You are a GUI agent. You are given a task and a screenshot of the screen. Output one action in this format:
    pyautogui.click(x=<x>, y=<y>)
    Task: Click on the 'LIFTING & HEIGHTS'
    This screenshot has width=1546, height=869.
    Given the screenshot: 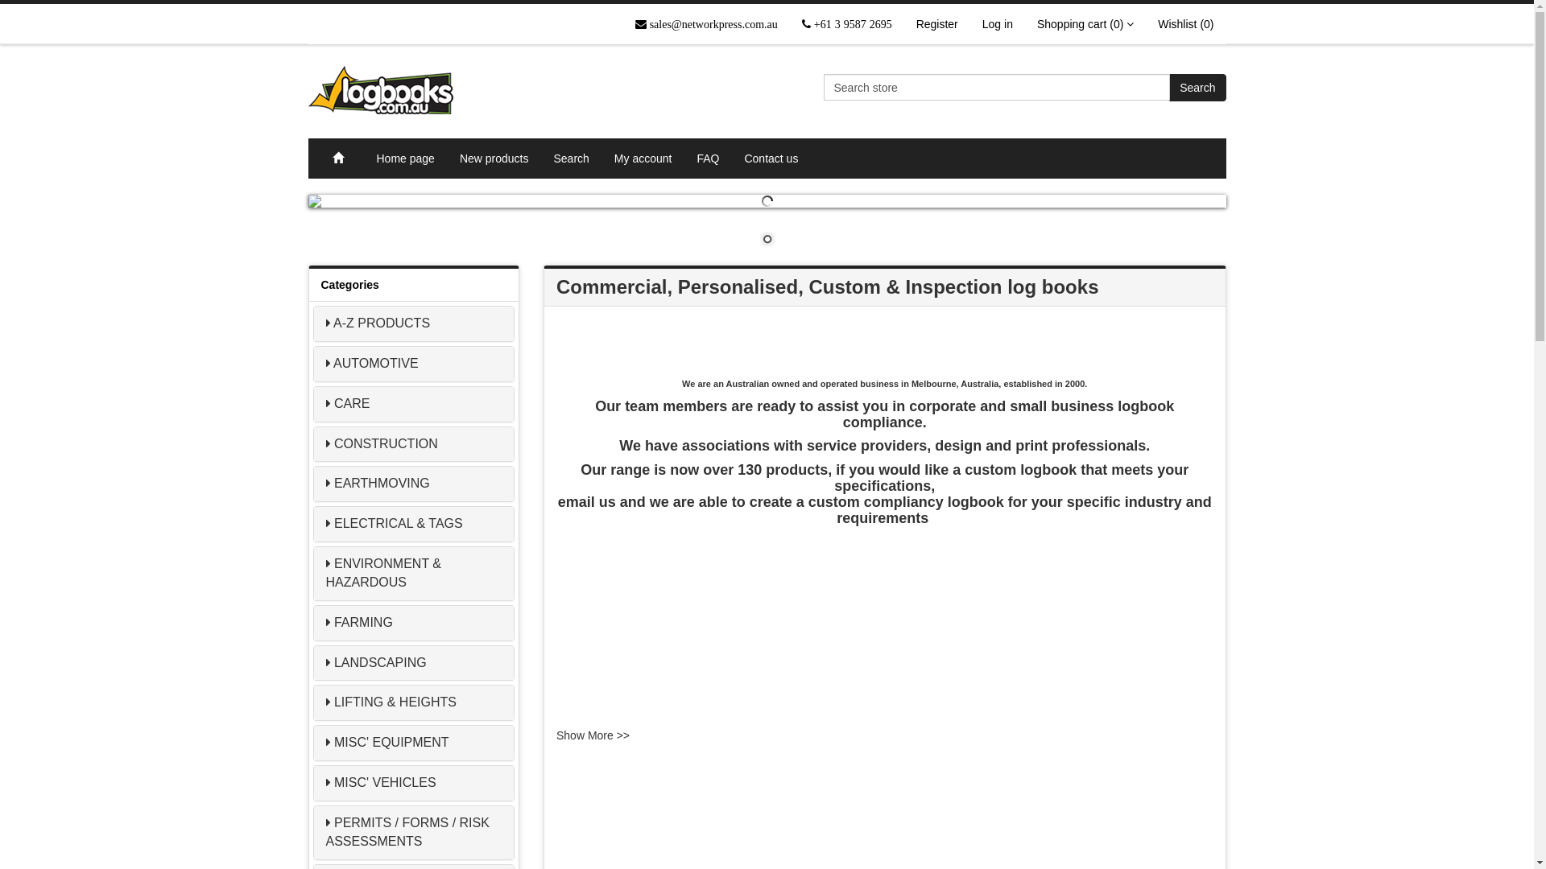 What is the action you would take?
    pyautogui.click(x=395, y=701)
    